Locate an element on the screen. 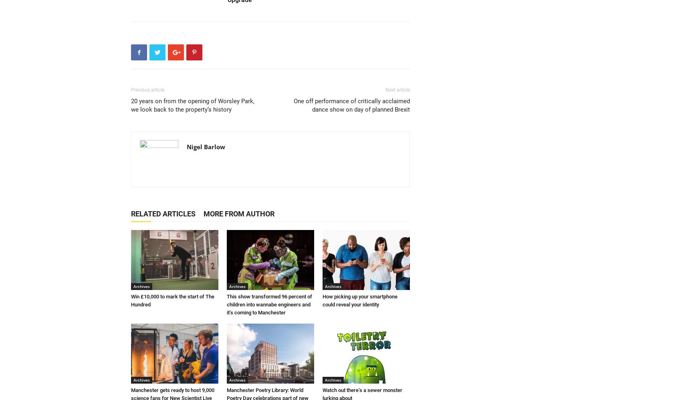  'How picking up your smartphone could reveal your identity' is located at coordinates (360, 300).